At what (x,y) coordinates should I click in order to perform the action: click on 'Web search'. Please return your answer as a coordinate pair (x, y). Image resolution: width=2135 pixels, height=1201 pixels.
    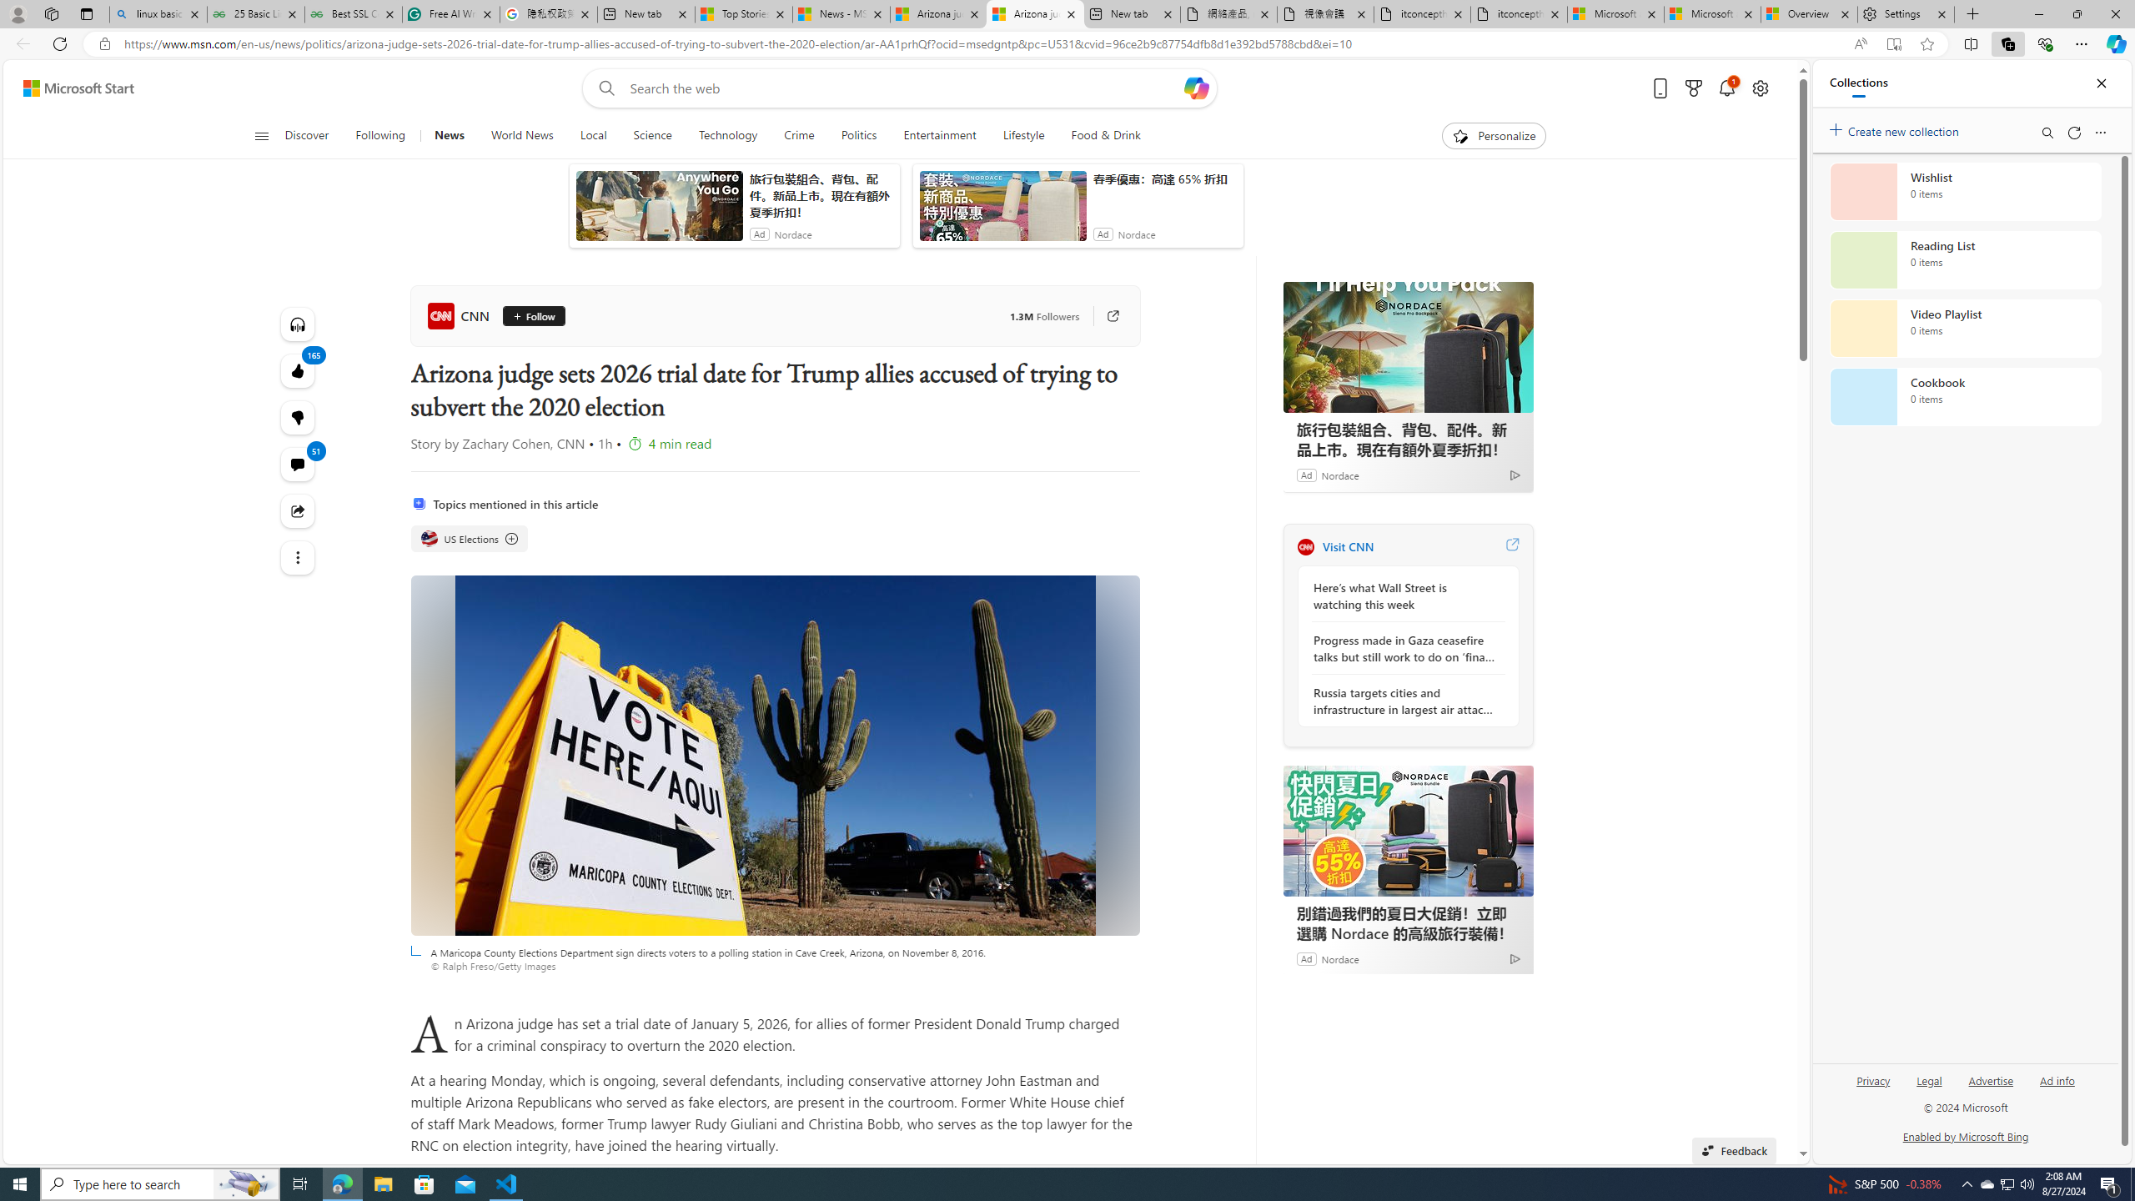
    Looking at the image, I should click on (603, 88).